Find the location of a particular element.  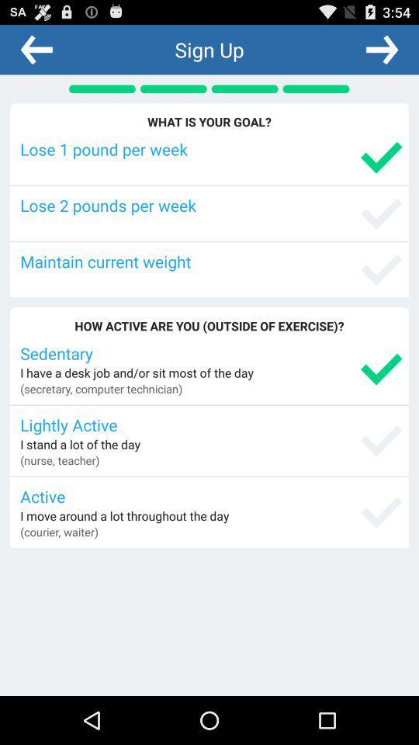

app below (secretary, computer technician) app is located at coordinates (210, 424).